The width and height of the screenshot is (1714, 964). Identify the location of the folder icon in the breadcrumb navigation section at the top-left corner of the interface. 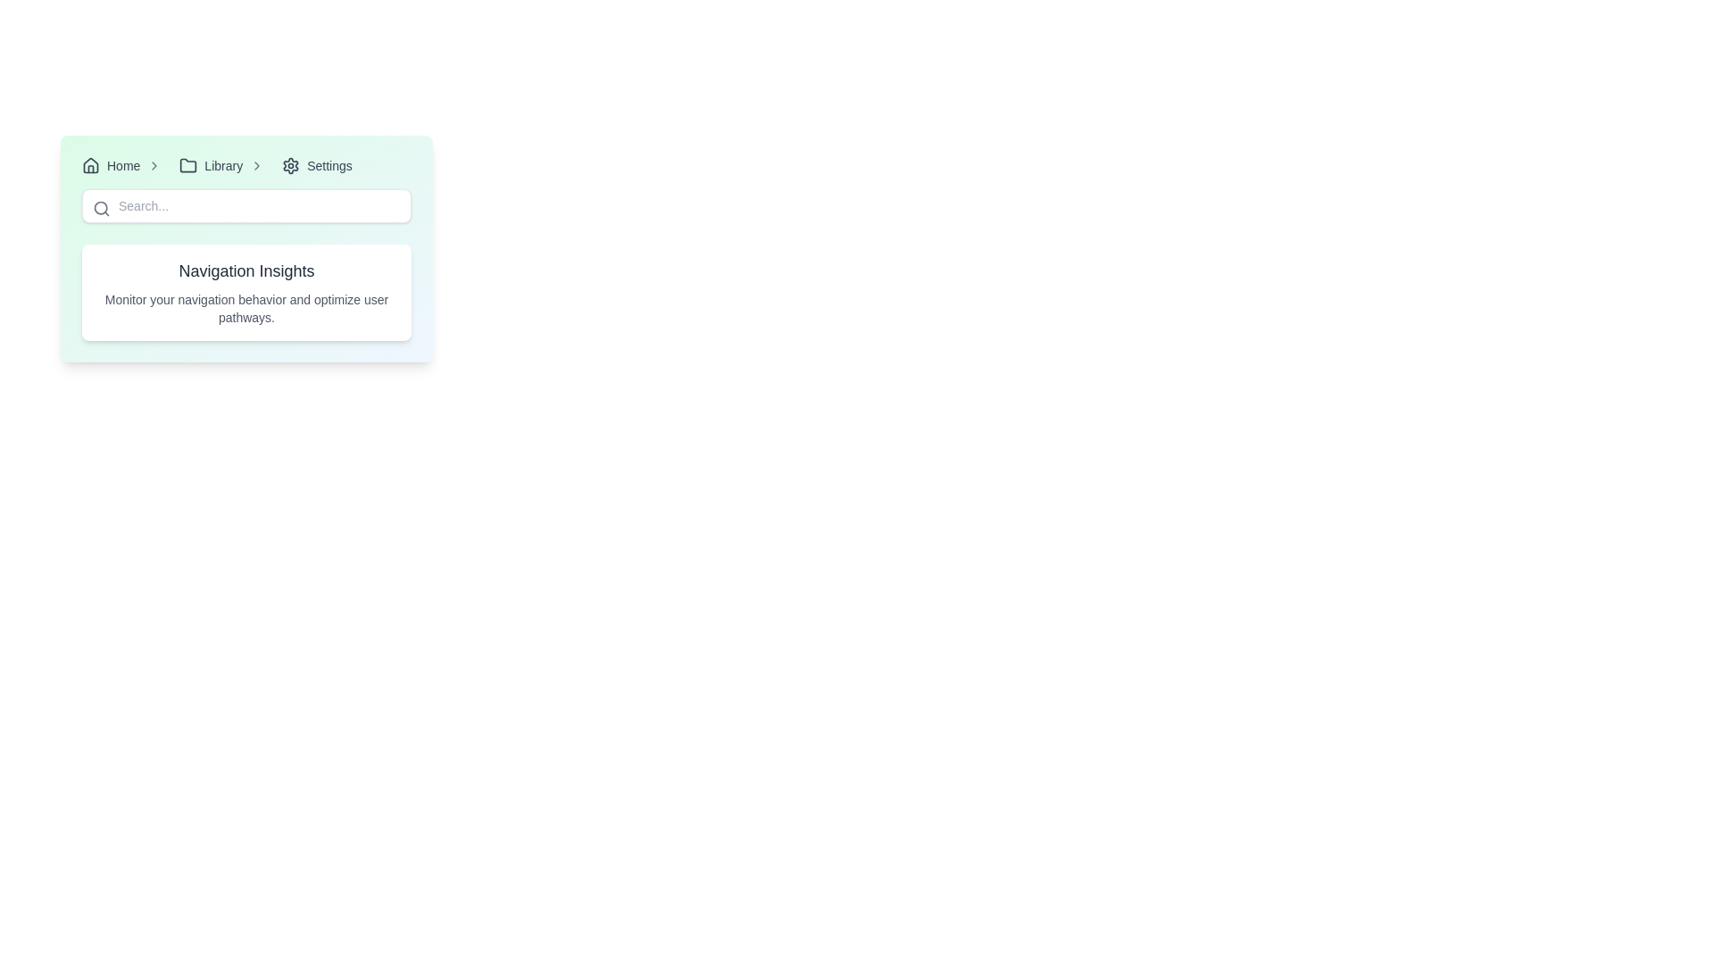
(188, 165).